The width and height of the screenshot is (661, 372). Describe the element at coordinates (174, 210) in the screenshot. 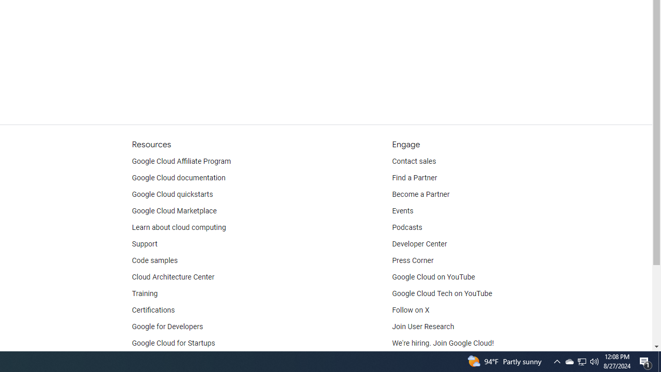

I see `'Google Cloud Marketplace'` at that location.